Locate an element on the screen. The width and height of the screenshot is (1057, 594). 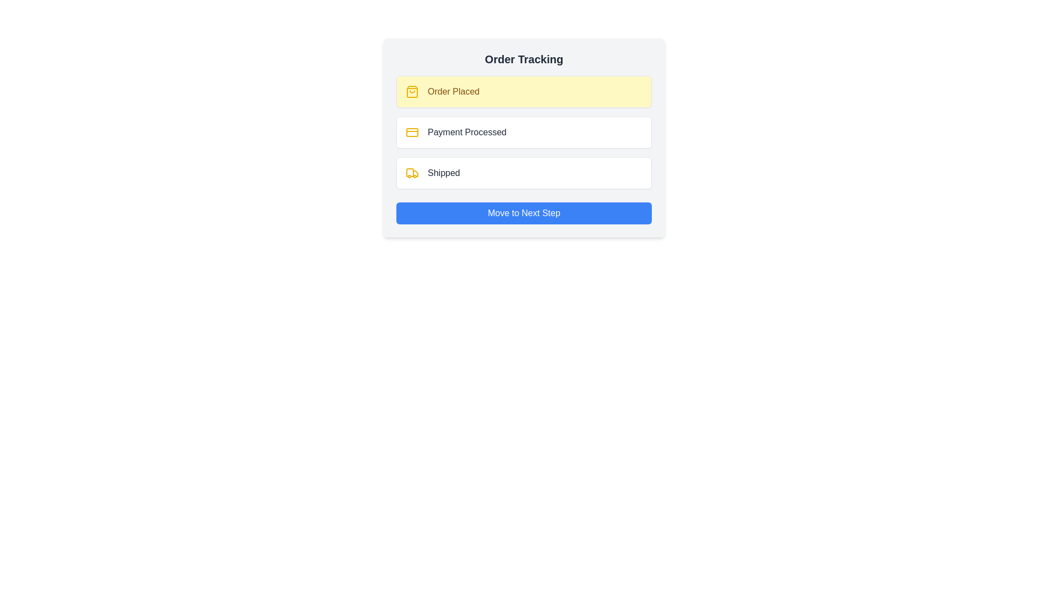
the text label indicating 'Order Placed' status in the order tracking list, which is located to the right of a small yellow icon within the card titled 'Order Tracking' is located at coordinates (454, 91).